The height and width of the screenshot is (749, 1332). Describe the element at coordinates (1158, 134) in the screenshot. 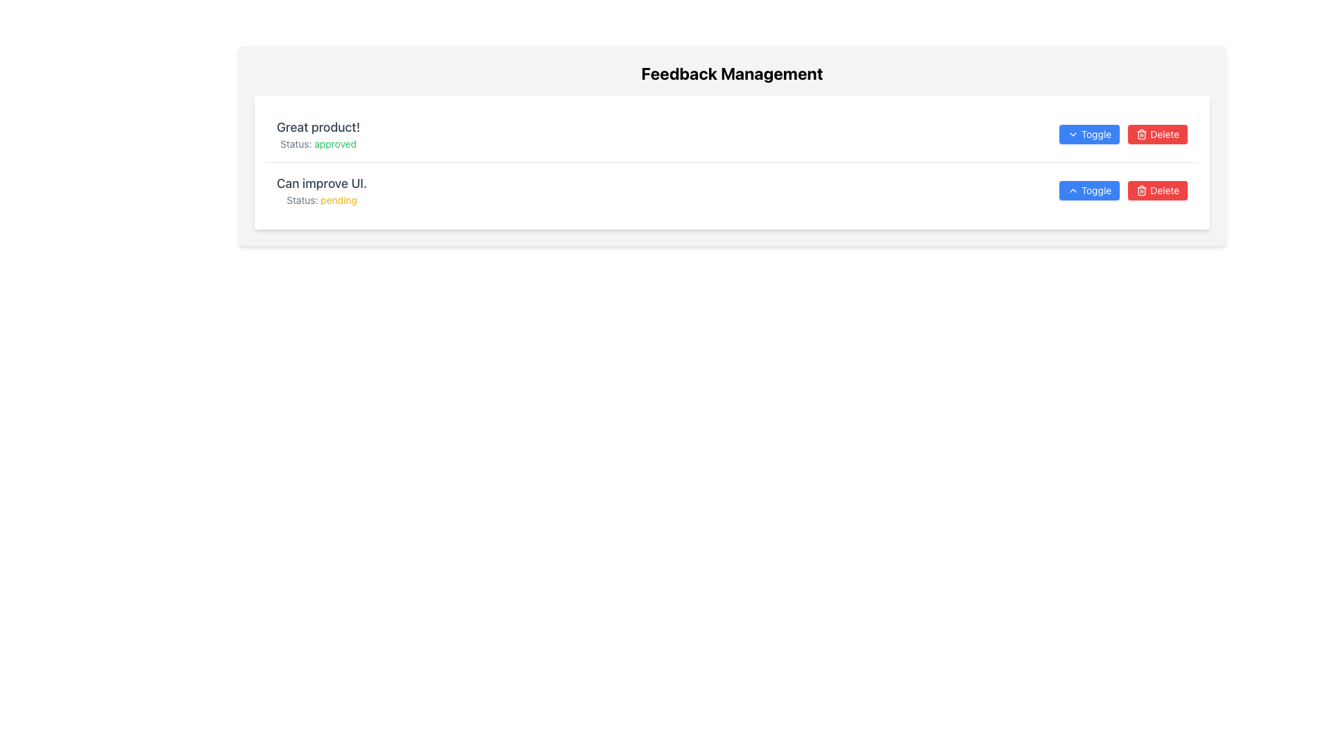

I see `the red 'Delete' button with white text and a trash can icon to trigger the hover effect` at that location.